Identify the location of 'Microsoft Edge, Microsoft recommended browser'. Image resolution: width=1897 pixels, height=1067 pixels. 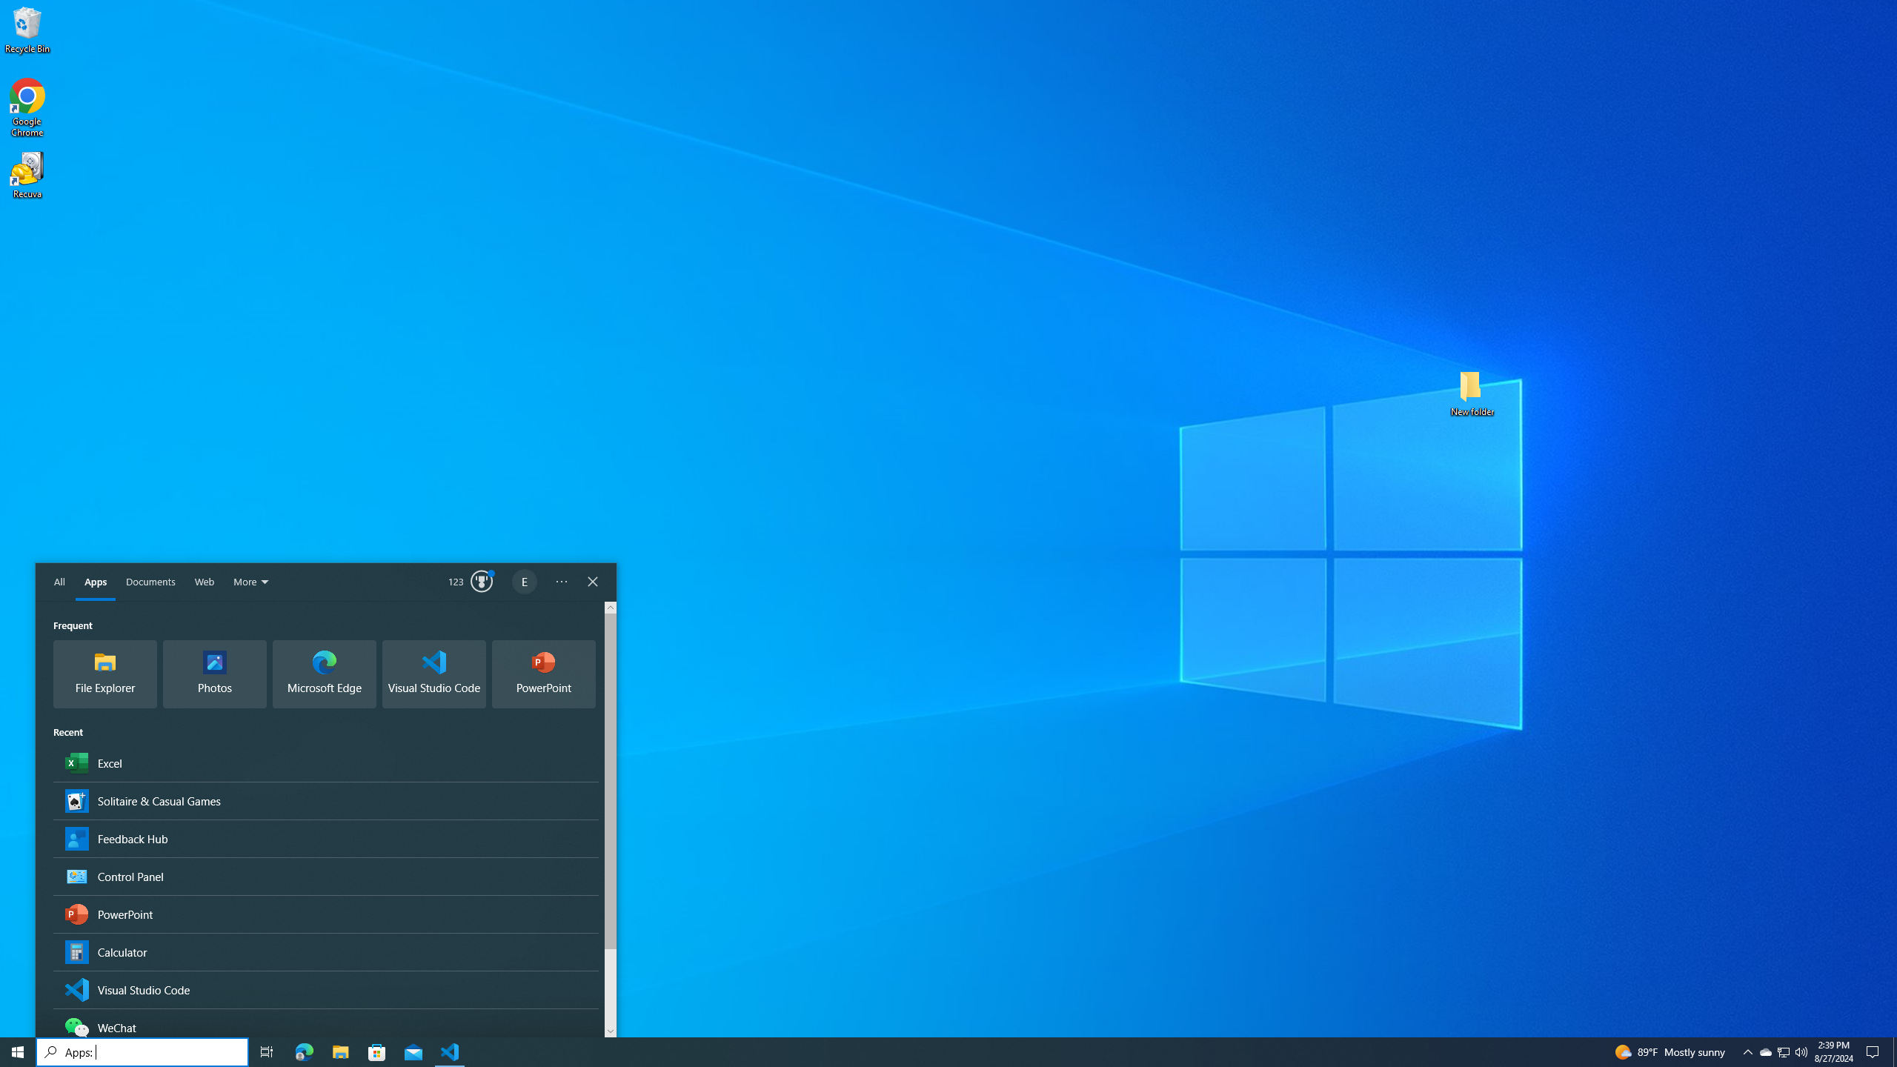
(323, 674).